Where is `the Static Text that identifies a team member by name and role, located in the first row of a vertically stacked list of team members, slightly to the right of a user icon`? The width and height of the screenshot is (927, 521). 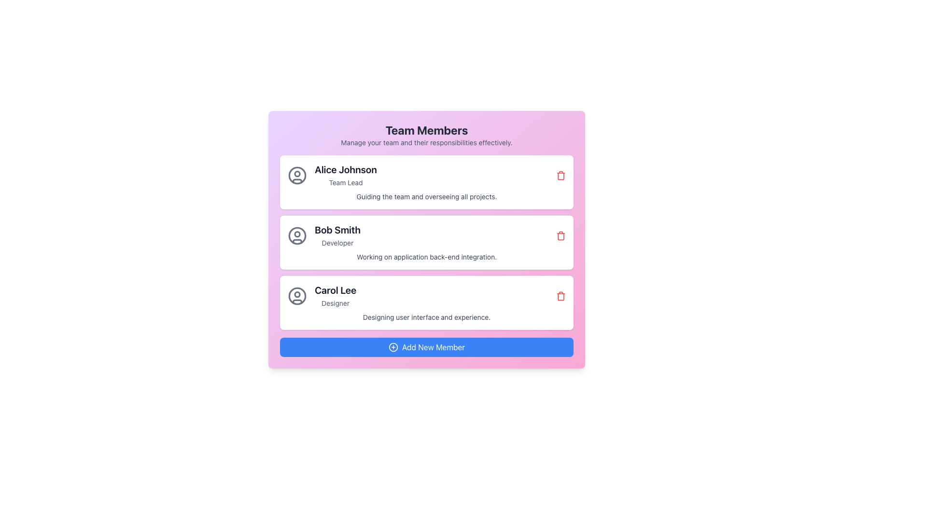 the Static Text that identifies a team member by name and role, located in the first row of a vertically stacked list of team members, slightly to the right of a user icon is located at coordinates (346, 175).